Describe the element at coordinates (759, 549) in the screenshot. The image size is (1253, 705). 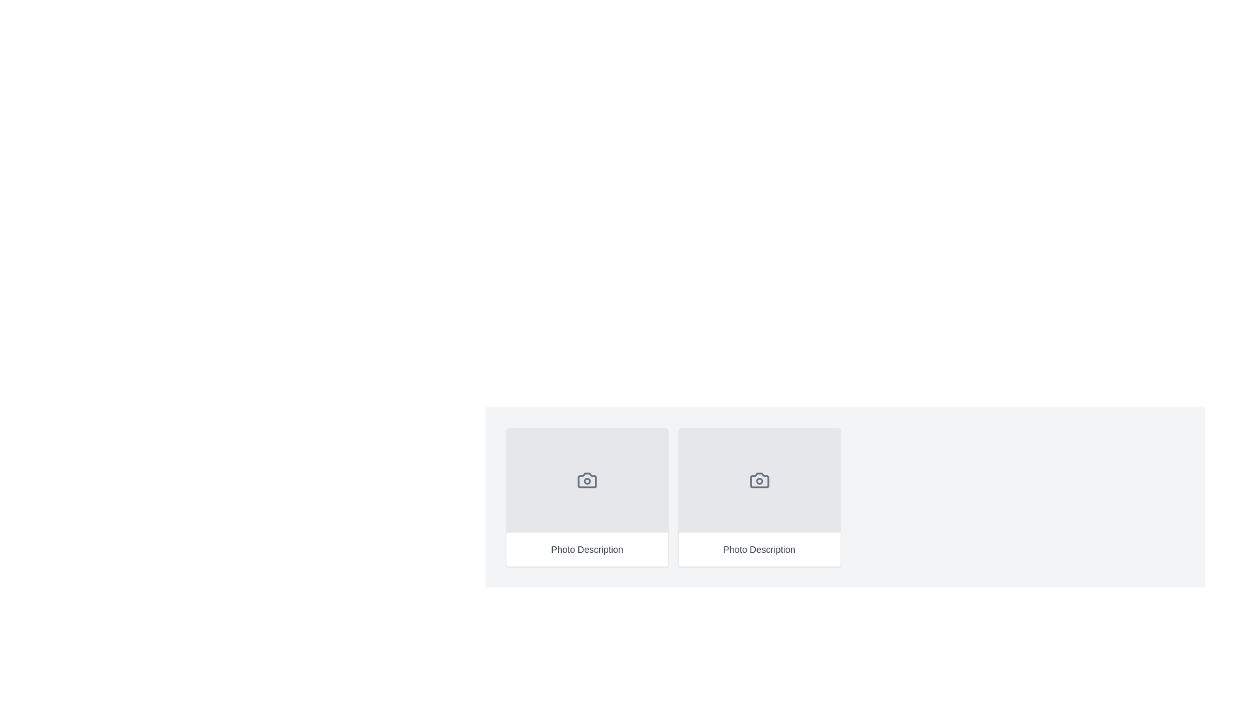
I see `the text label displaying 'Photo Description' in a smaller, gray font located in the footer of the second card in a horizontally aligned card layout` at that location.